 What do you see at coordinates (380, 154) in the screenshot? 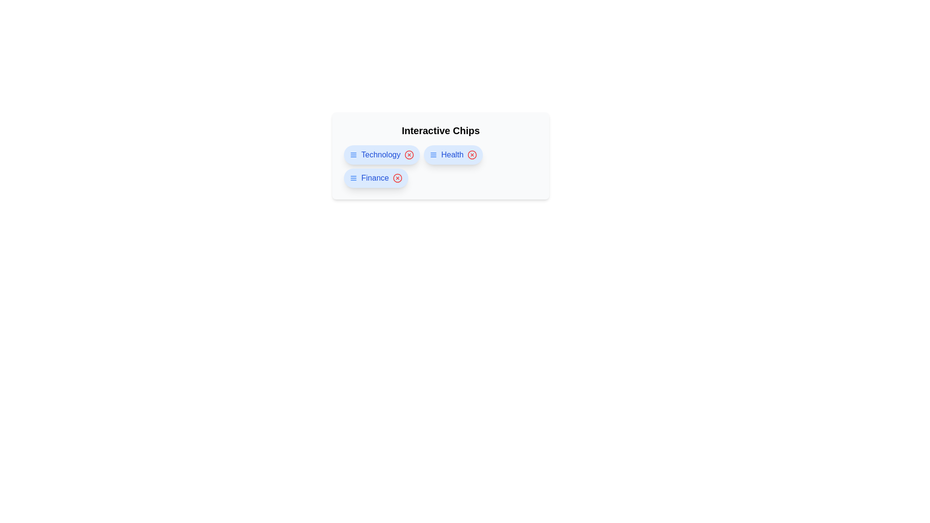
I see `the chip labeled Technology to navigate to its link` at bounding box center [380, 154].